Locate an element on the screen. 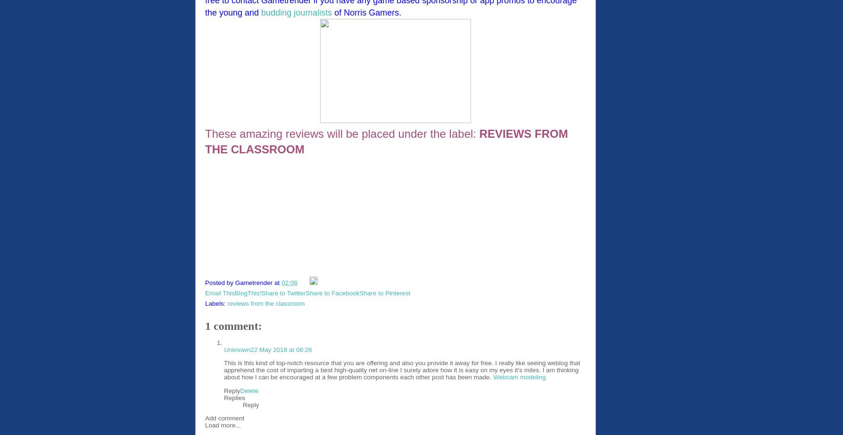 The image size is (843, 435). 'Share to Facebook' is located at coordinates (332, 293).